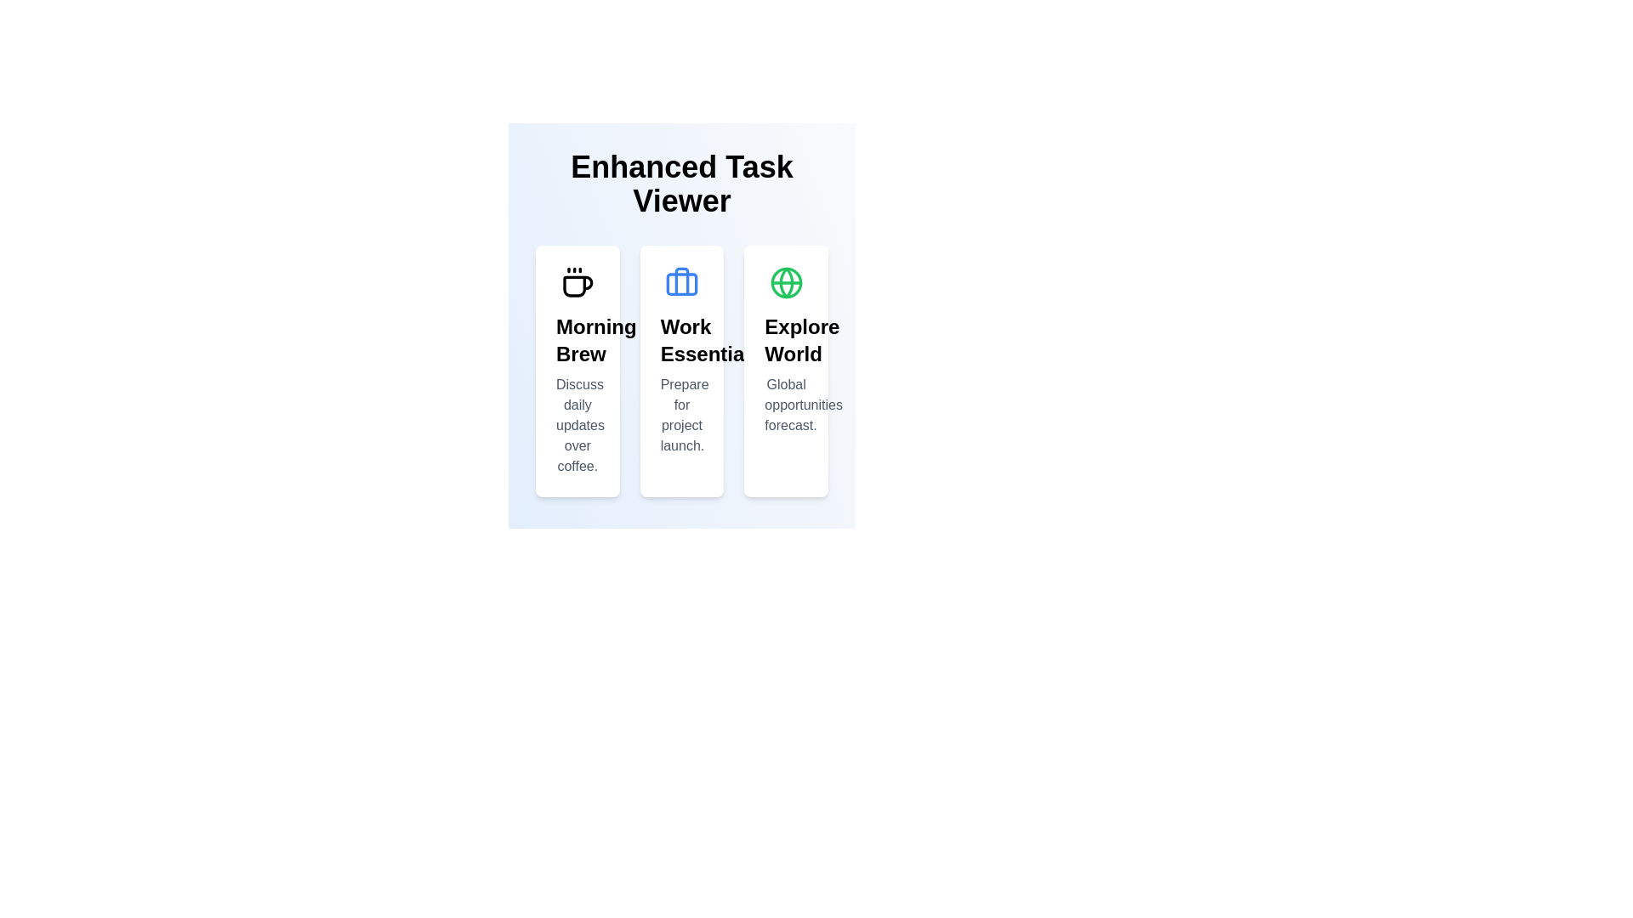 This screenshot has height=918, width=1633. What do you see at coordinates (681, 280) in the screenshot?
I see `the decorative icon representing 'Work Essentials' located at the top-center of the 'Work Essentials' card` at bounding box center [681, 280].